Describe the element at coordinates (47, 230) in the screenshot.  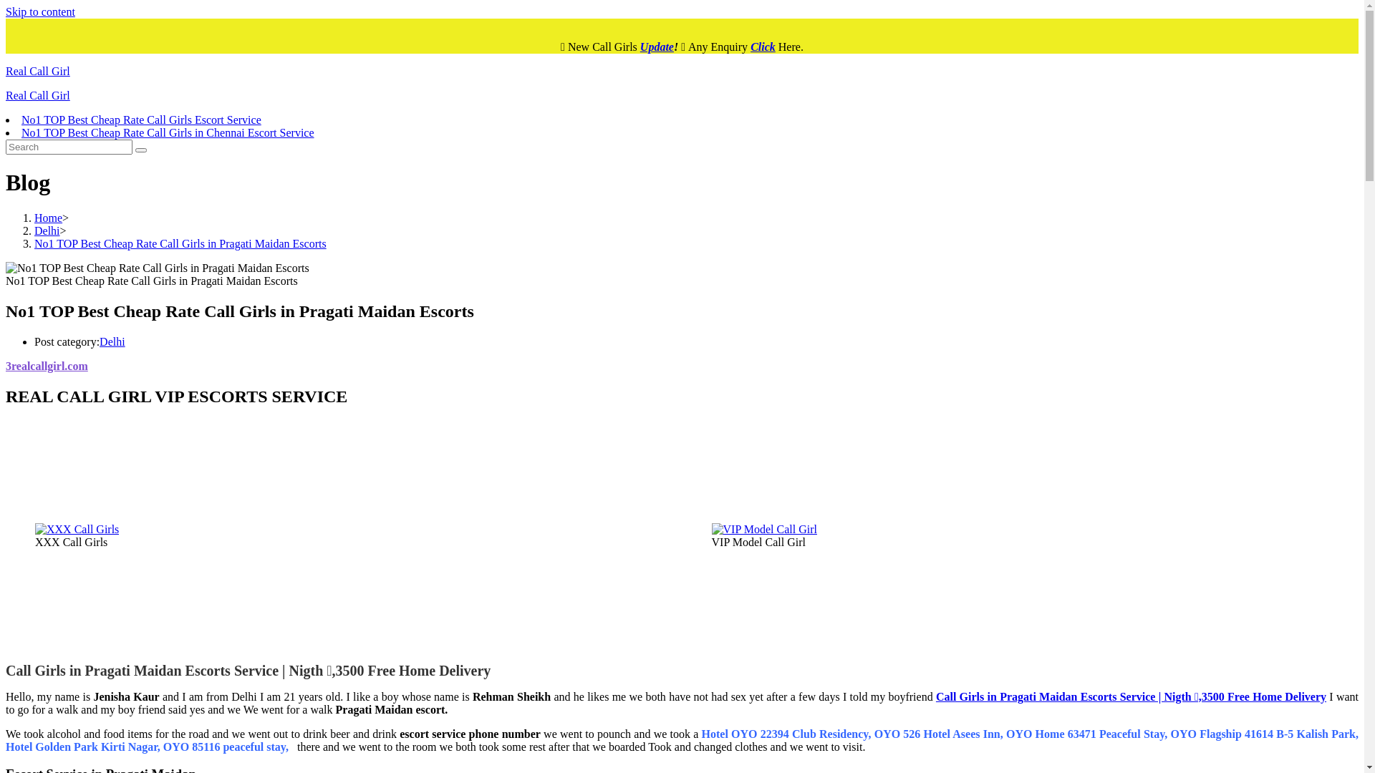
I see `'Delhi'` at that location.